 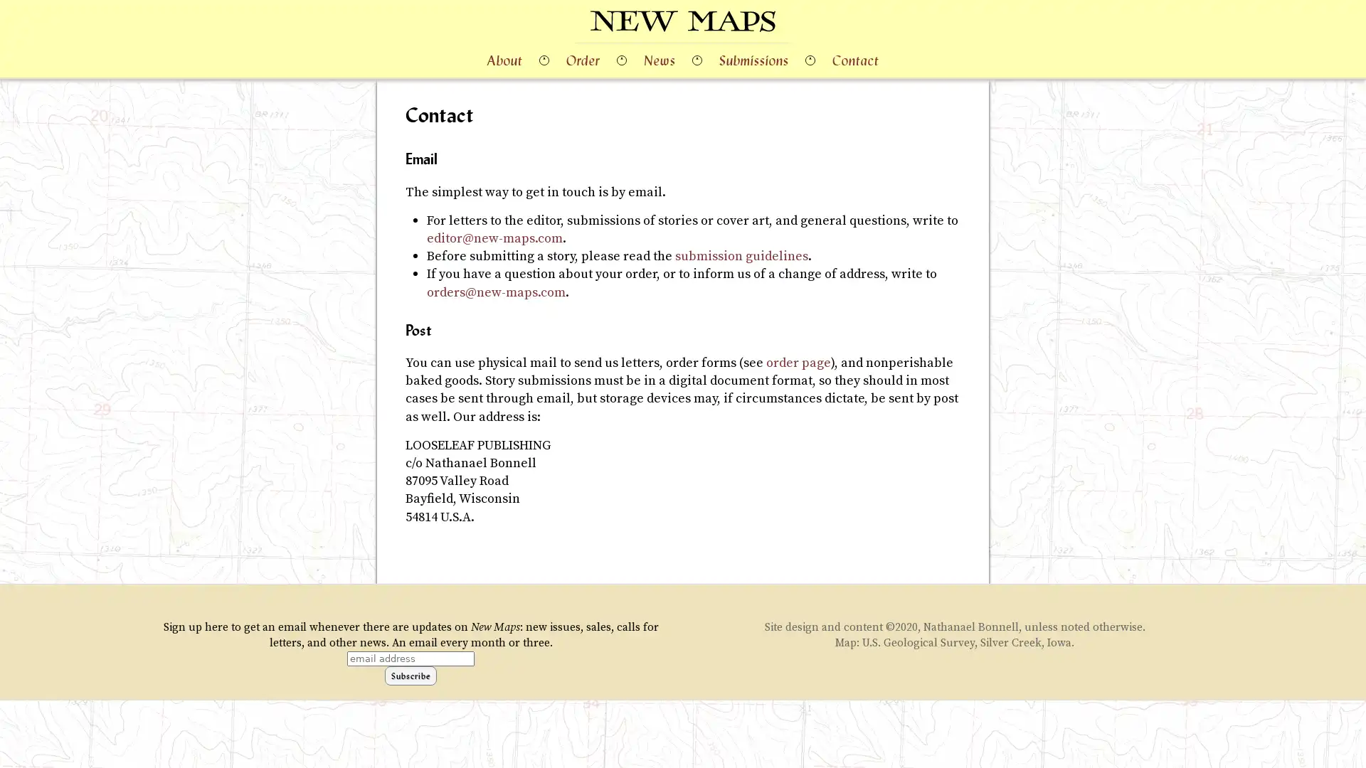 What do you see at coordinates (410, 674) in the screenshot?
I see `Subscribe` at bounding box center [410, 674].